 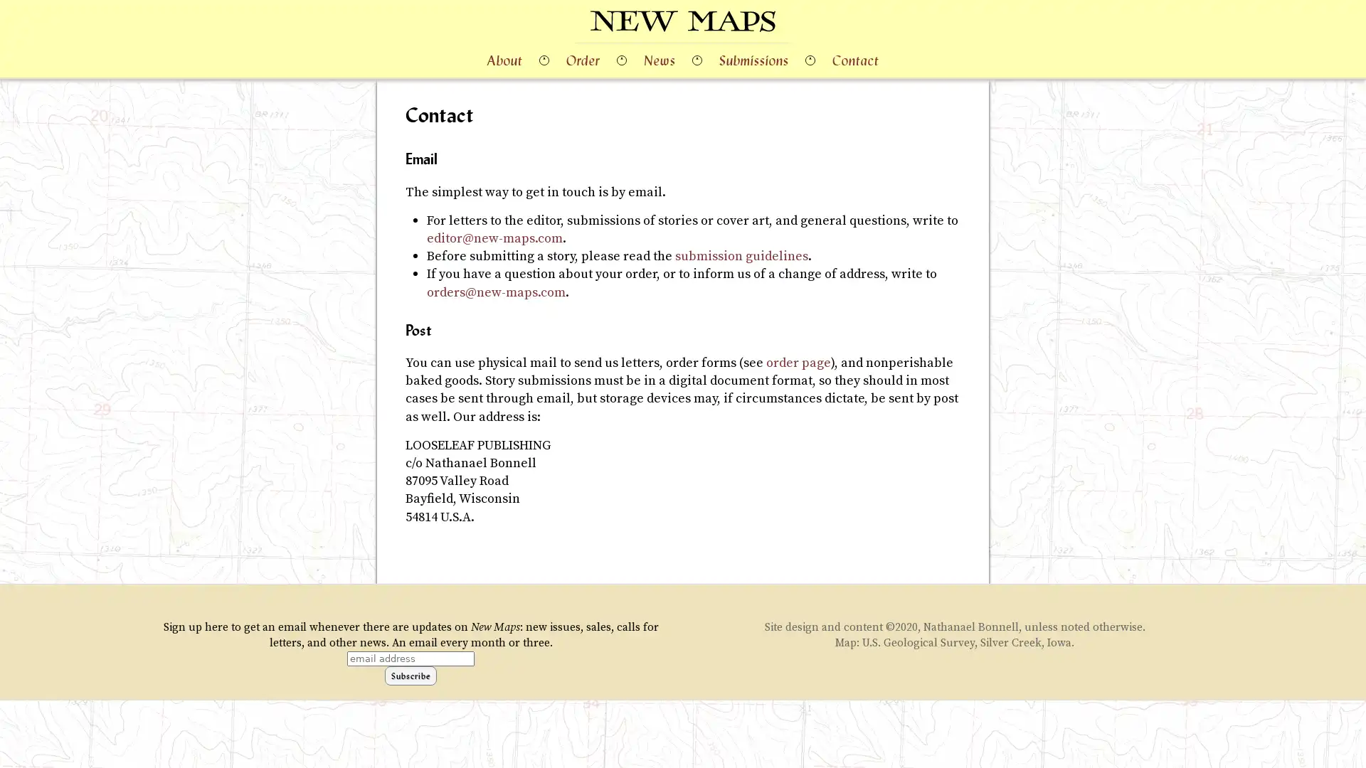 What do you see at coordinates (410, 674) in the screenshot?
I see `Subscribe` at bounding box center [410, 674].